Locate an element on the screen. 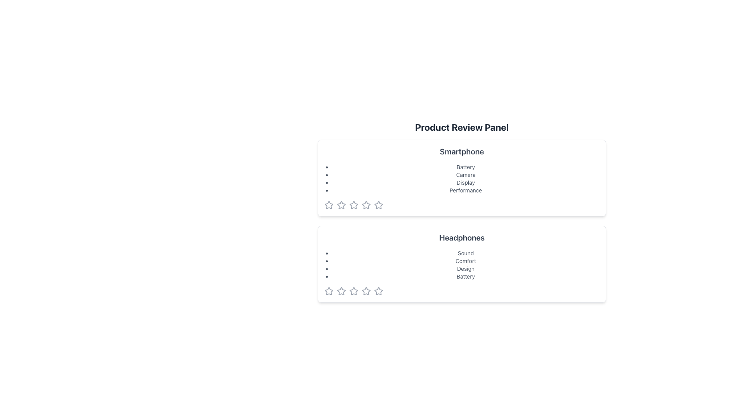  the fourth star icon in the rating bar located below the 'Smartphone' section of the 'Product Review Panel' is located at coordinates (366, 204).